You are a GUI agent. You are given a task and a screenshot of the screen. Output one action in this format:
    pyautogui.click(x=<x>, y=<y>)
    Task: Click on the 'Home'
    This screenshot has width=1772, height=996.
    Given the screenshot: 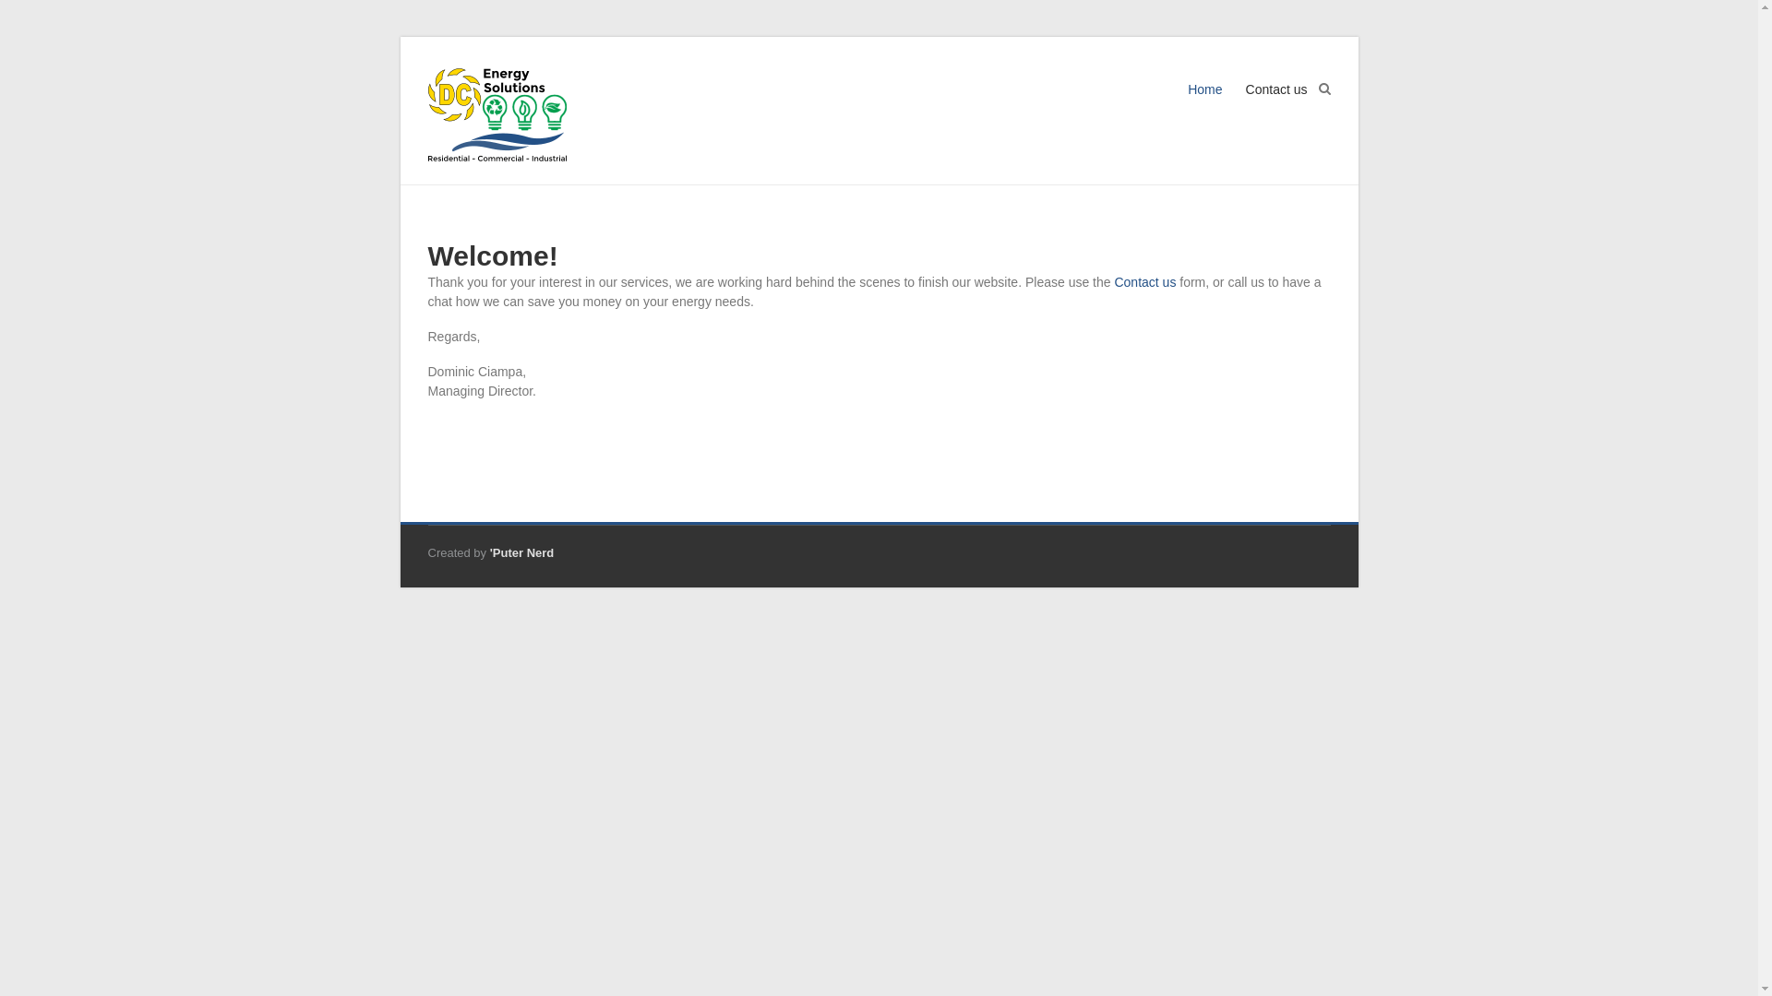 What is the action you would take?
    pyautogui.click(x=1187, y=106)
    